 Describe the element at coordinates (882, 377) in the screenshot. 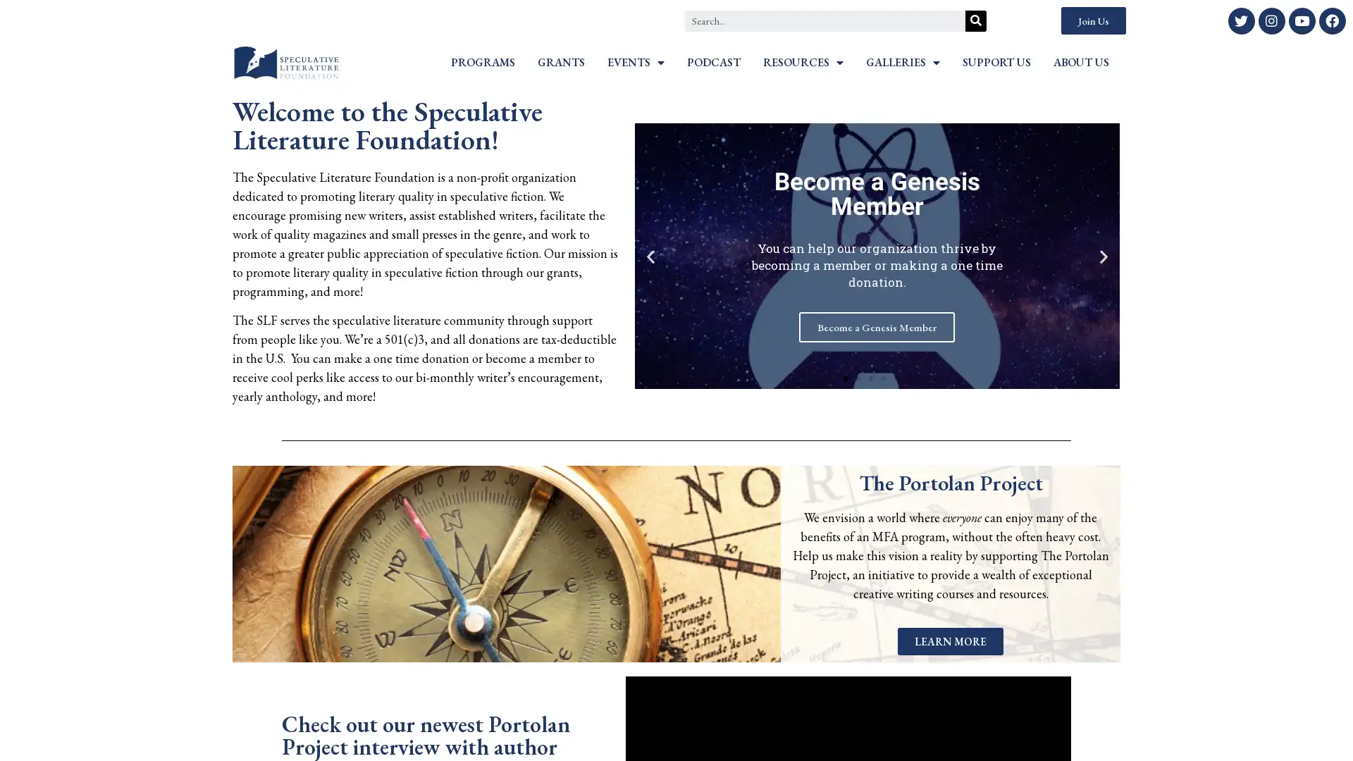

I see `Go to slide 4` at that location.